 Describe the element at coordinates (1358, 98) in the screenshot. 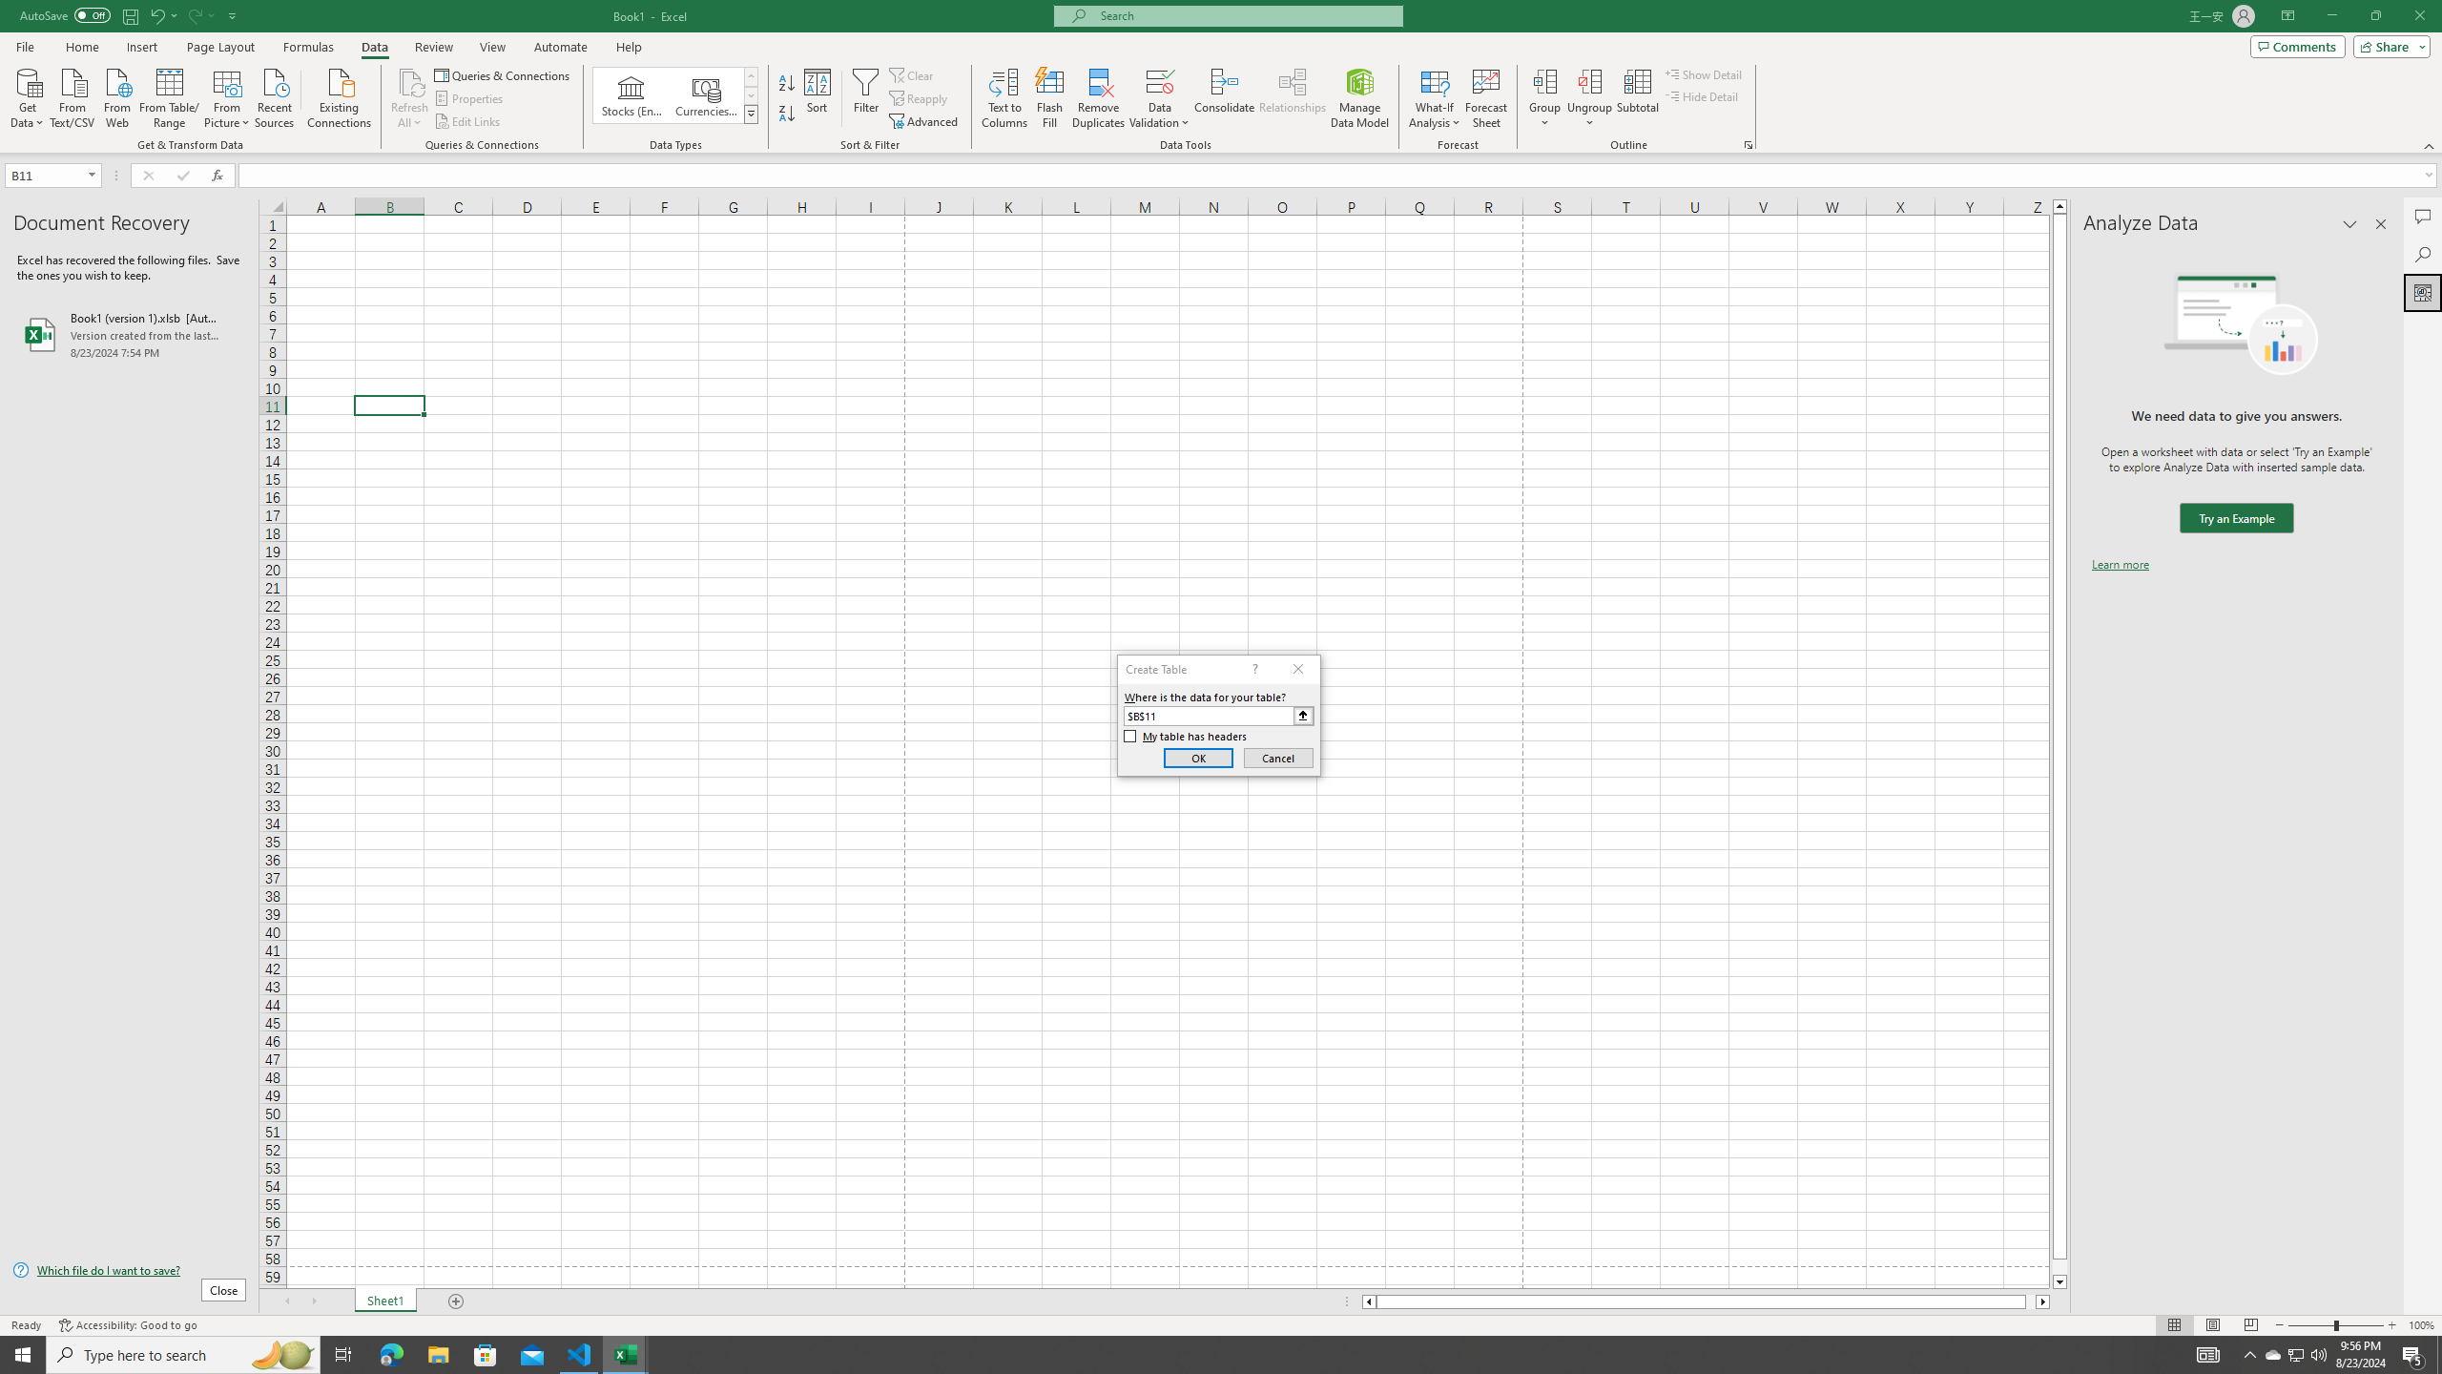

I see `'Manage Data Model'` at that location.